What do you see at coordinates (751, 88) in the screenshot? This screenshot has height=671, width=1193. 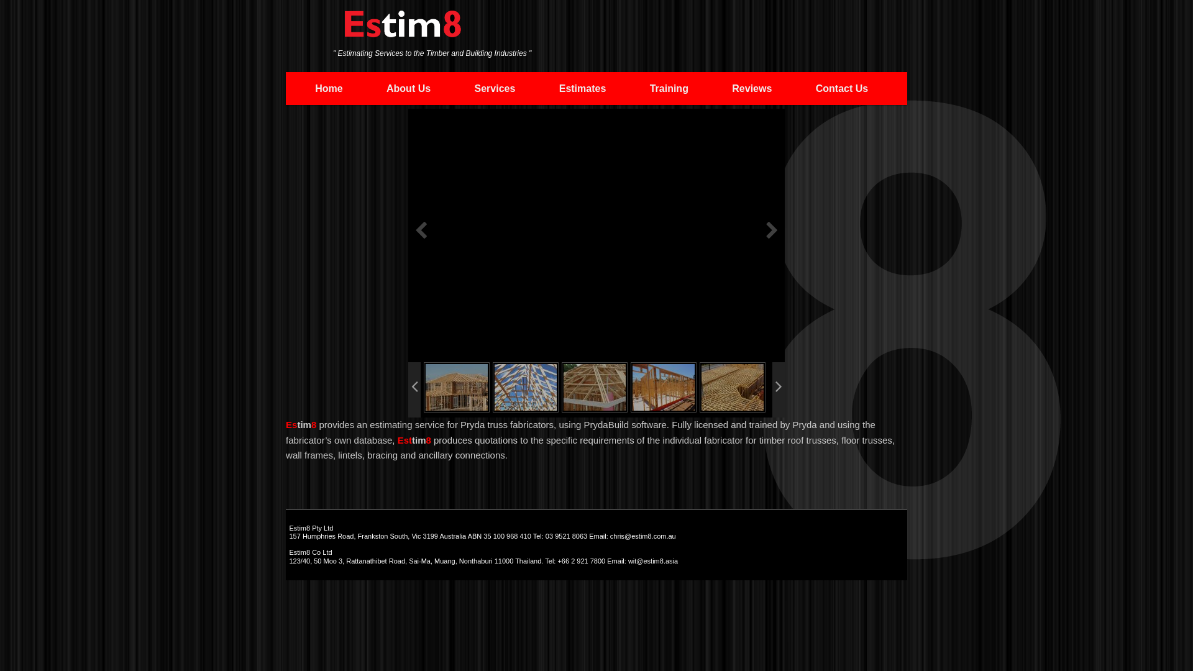 I see `'Reviews'` at bounding box center [751, 88].